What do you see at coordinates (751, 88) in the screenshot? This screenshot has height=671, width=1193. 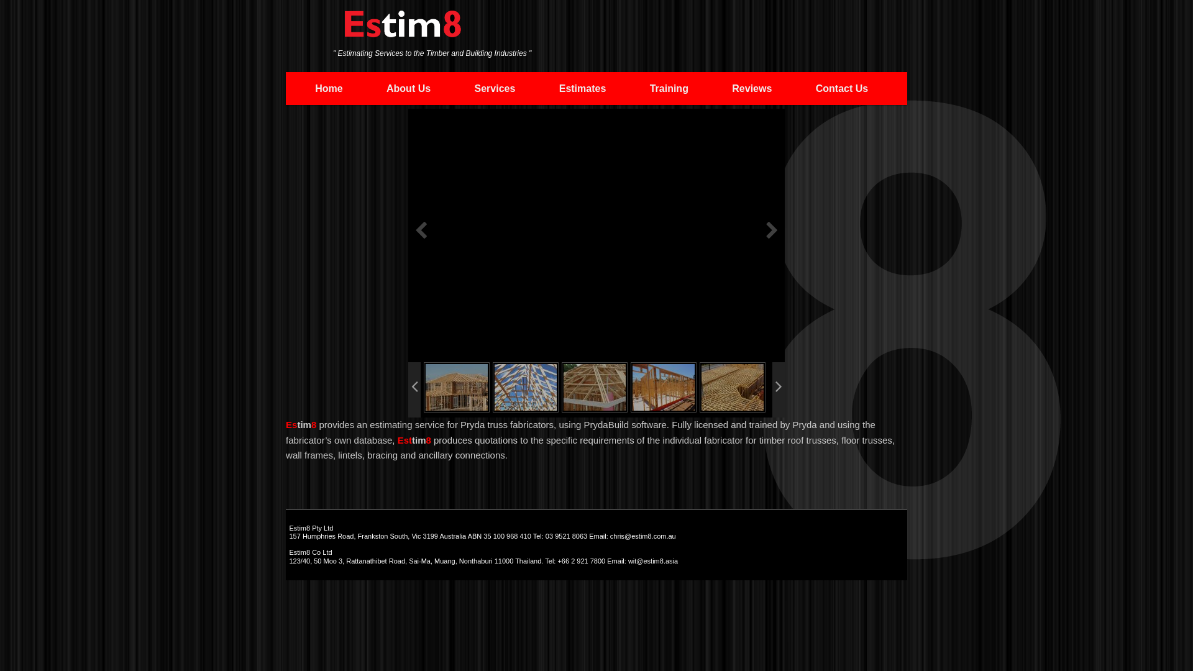 I see `'Reviews'` at bounding box center [751, 88].